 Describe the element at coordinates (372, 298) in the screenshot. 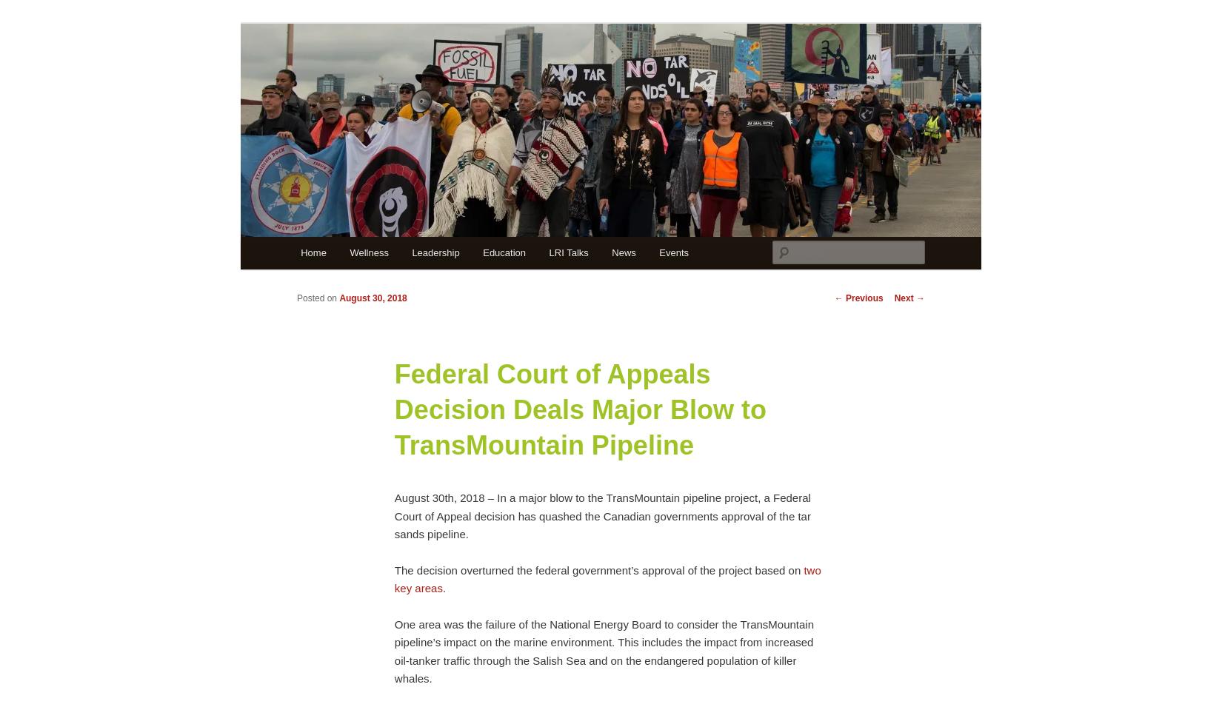

I see `'August 30, 2018'` at that location.